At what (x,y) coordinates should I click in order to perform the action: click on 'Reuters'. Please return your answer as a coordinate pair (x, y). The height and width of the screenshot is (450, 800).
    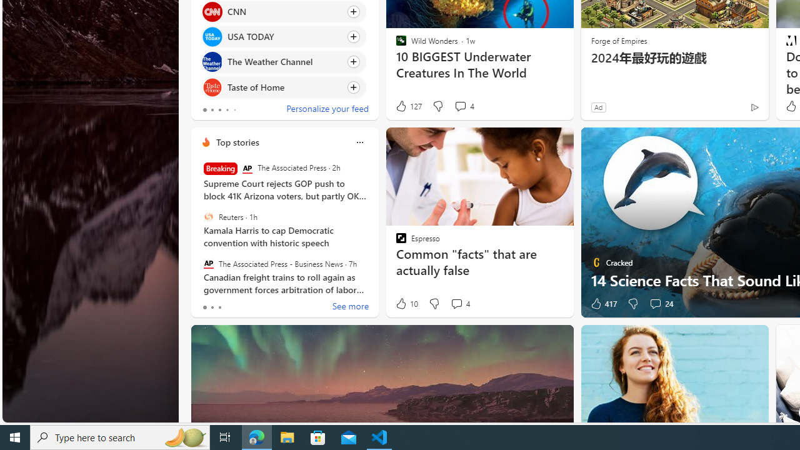
    Looking at the image, I should click on (208, 216).